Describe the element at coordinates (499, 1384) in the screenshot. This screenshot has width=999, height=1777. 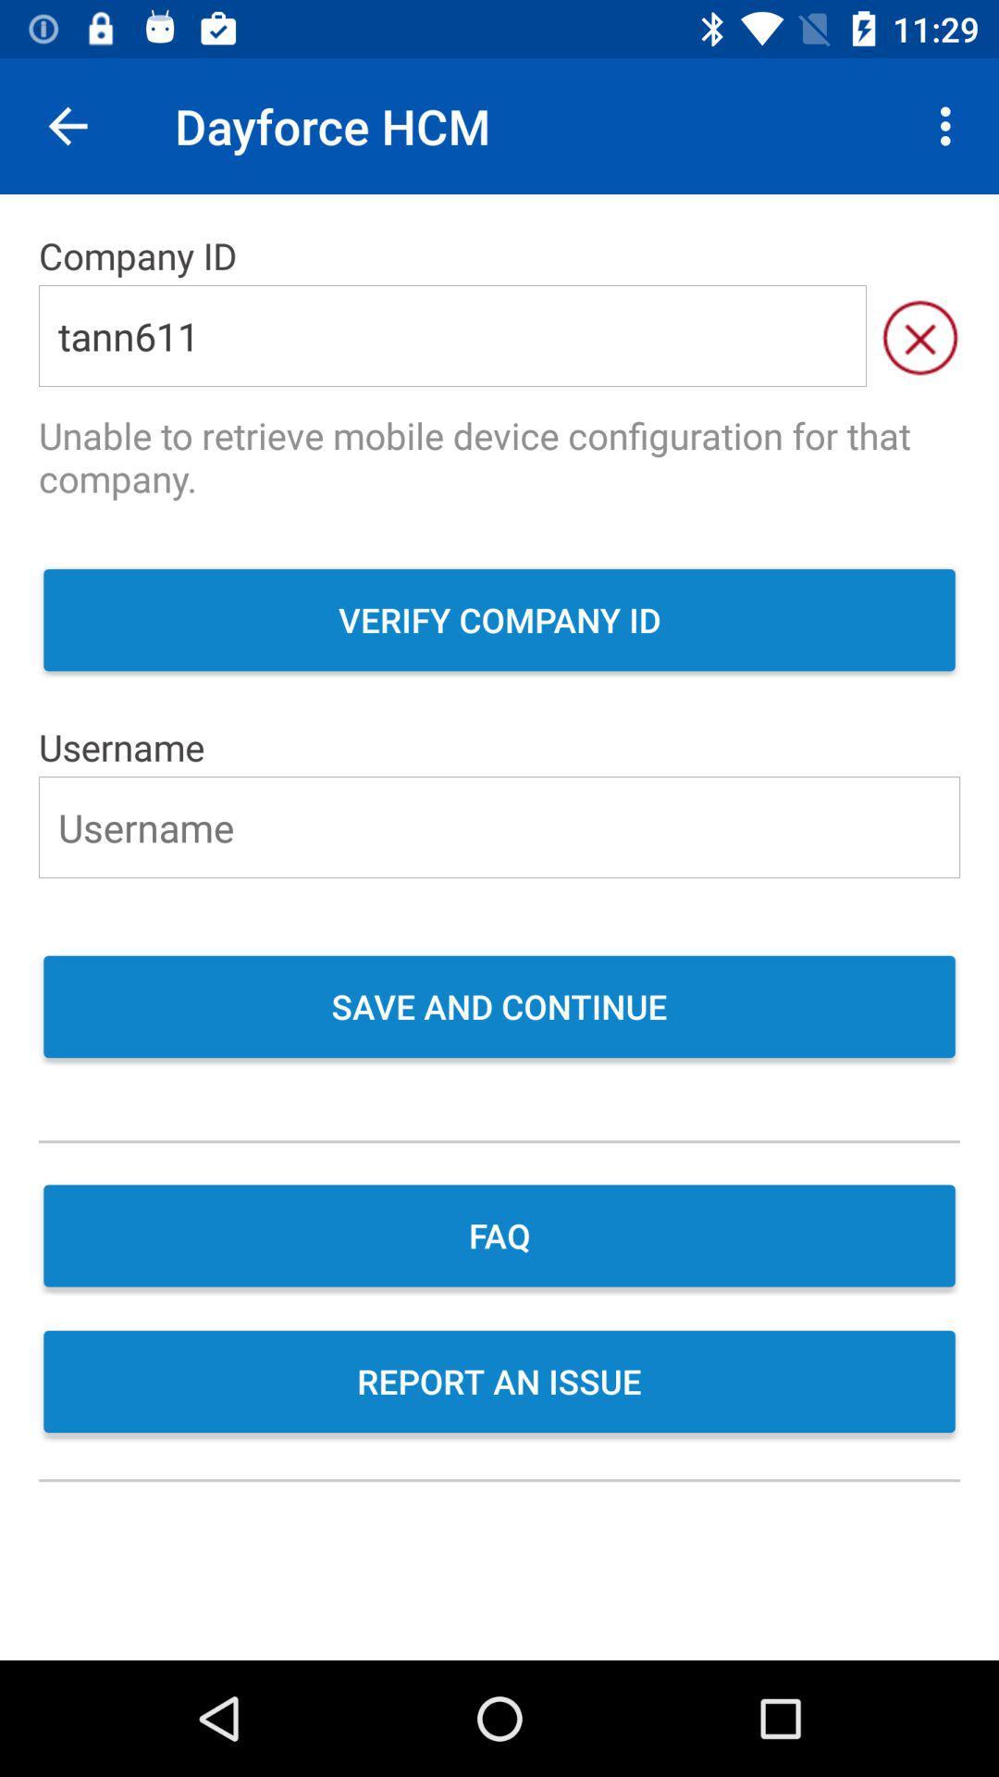
I see `report an issue` at that location.